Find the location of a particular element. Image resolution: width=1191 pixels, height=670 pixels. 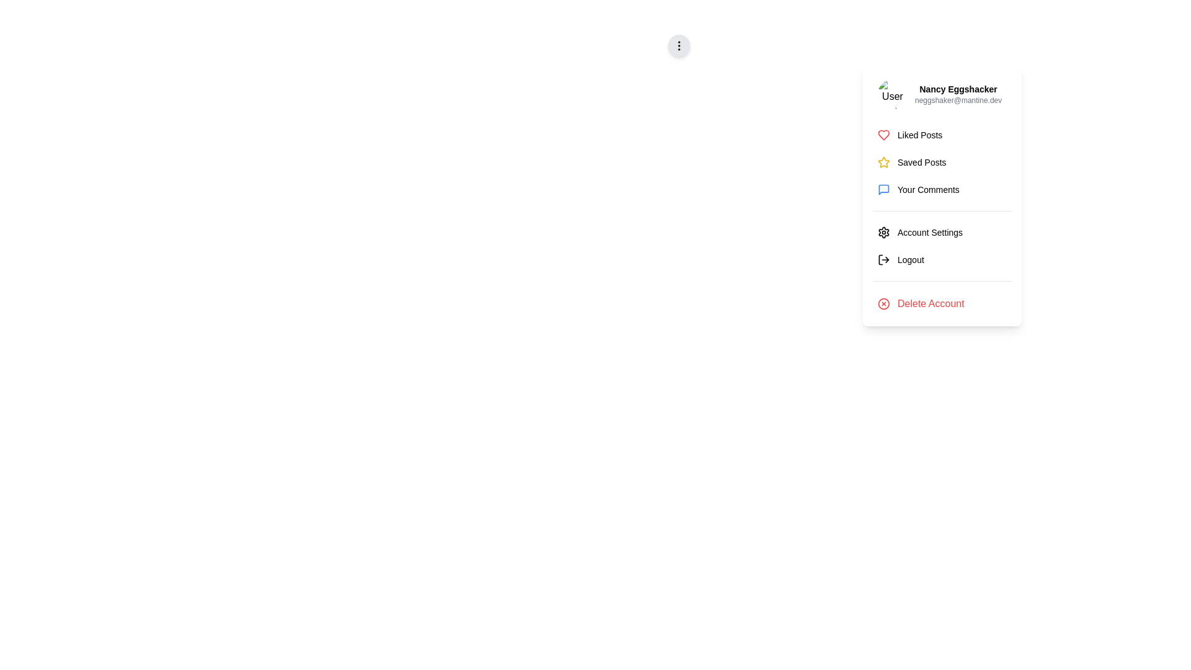

the 'Account Settings' menu item, which features a gear icon on the left and is located beneath user-related information in the menu section is located at coordinates (942, 232).